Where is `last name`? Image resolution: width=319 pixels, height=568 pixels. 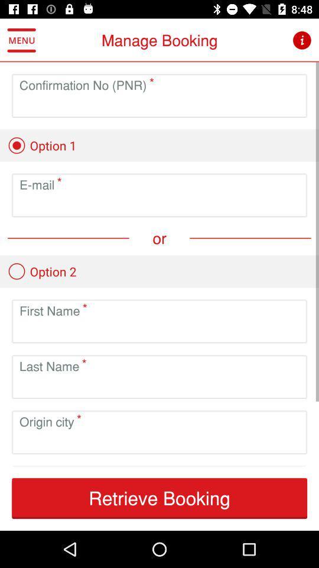 last name is located at coordinates (159, 385).